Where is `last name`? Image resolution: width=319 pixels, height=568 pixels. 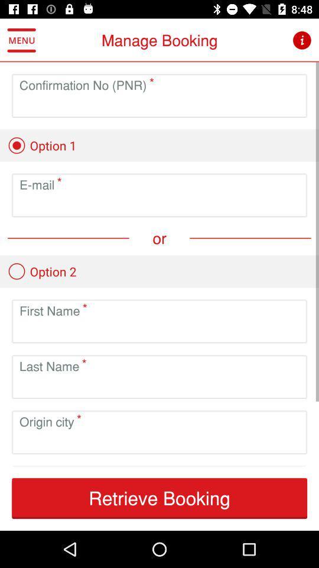 last name is located at coordinates (159, 385).